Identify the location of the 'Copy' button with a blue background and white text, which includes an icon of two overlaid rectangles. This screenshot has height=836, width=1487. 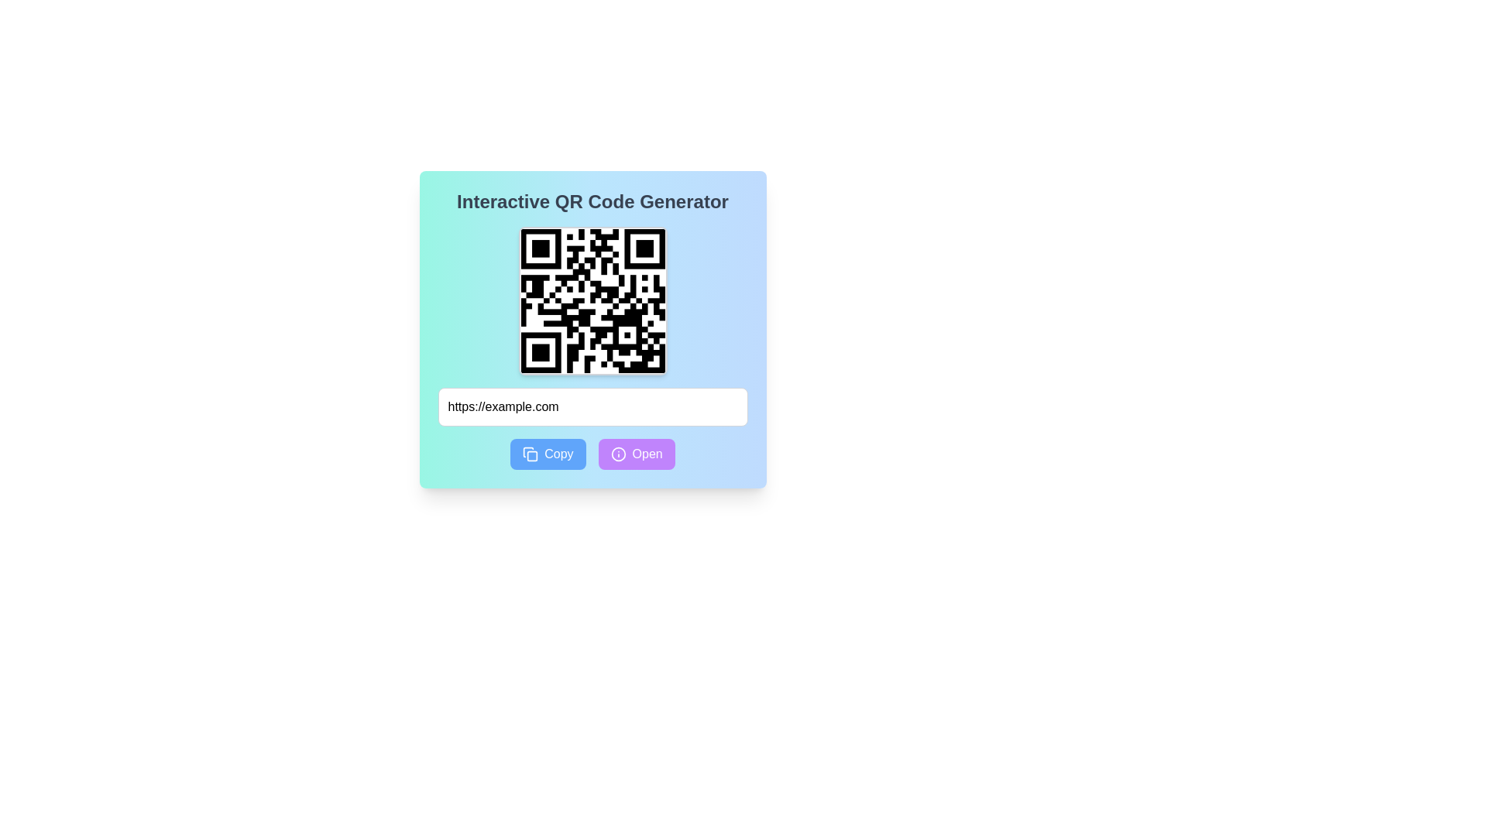
(548, 453).